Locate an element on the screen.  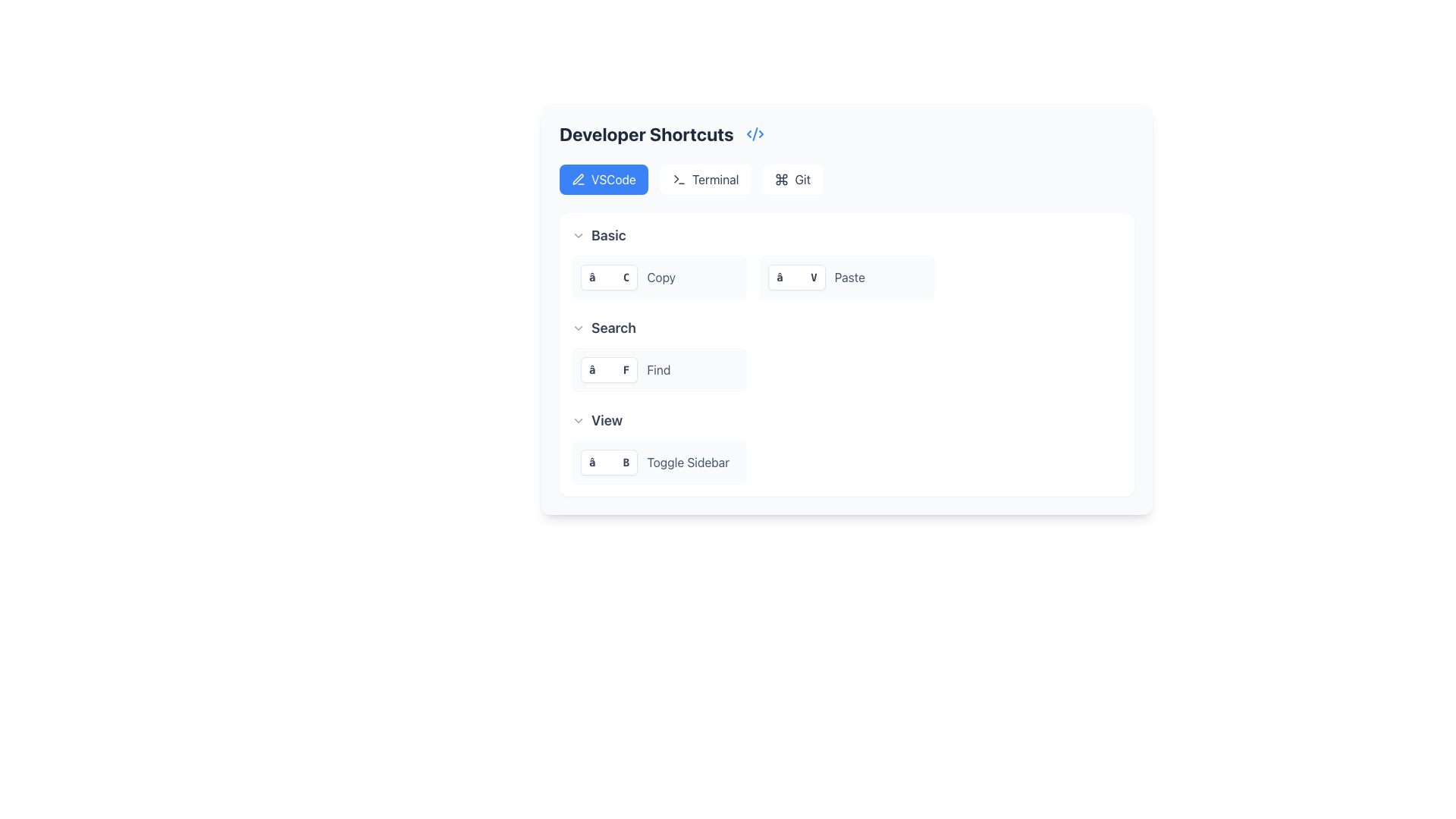
descriptive label for the shortcut that indicates pressing '⌘ B' will toggle the visibility of the sidebar in the application, located in the bottommost section under the 'View' category is located at coordinates (659, 461).